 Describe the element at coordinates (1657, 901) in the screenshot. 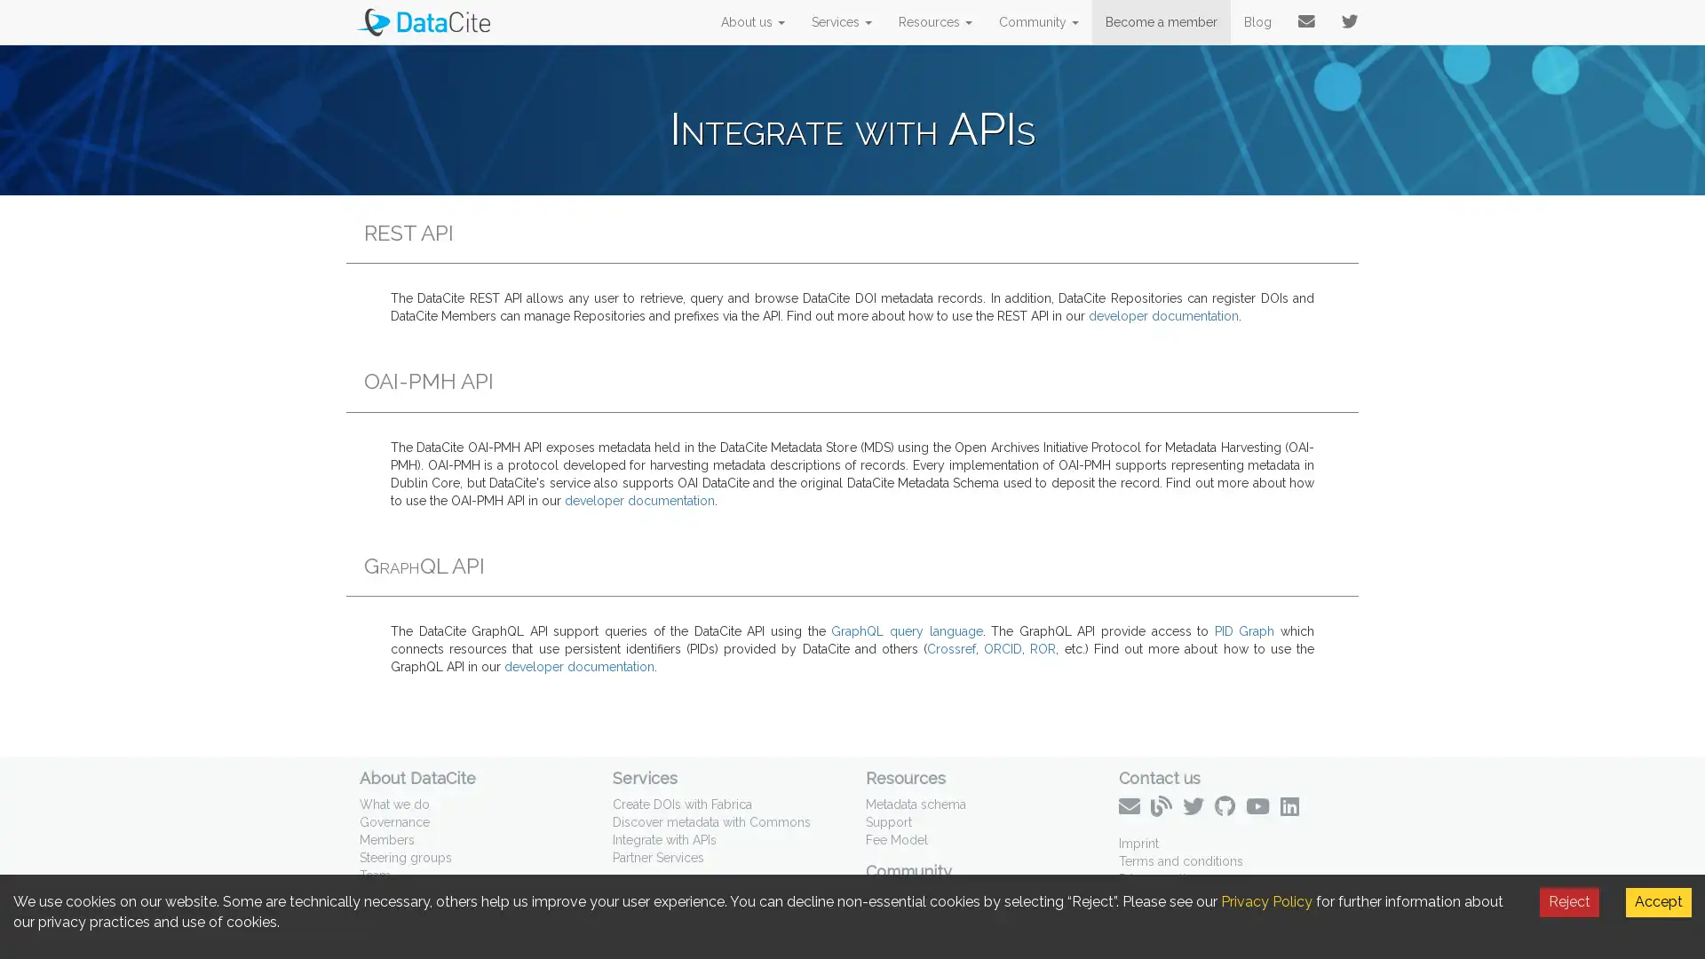

I see `Accept cookies` at that location.